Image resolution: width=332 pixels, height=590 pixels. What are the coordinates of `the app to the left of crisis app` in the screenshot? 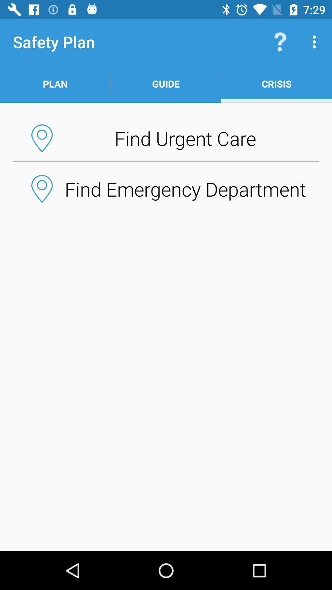 It's located at (166, 84).